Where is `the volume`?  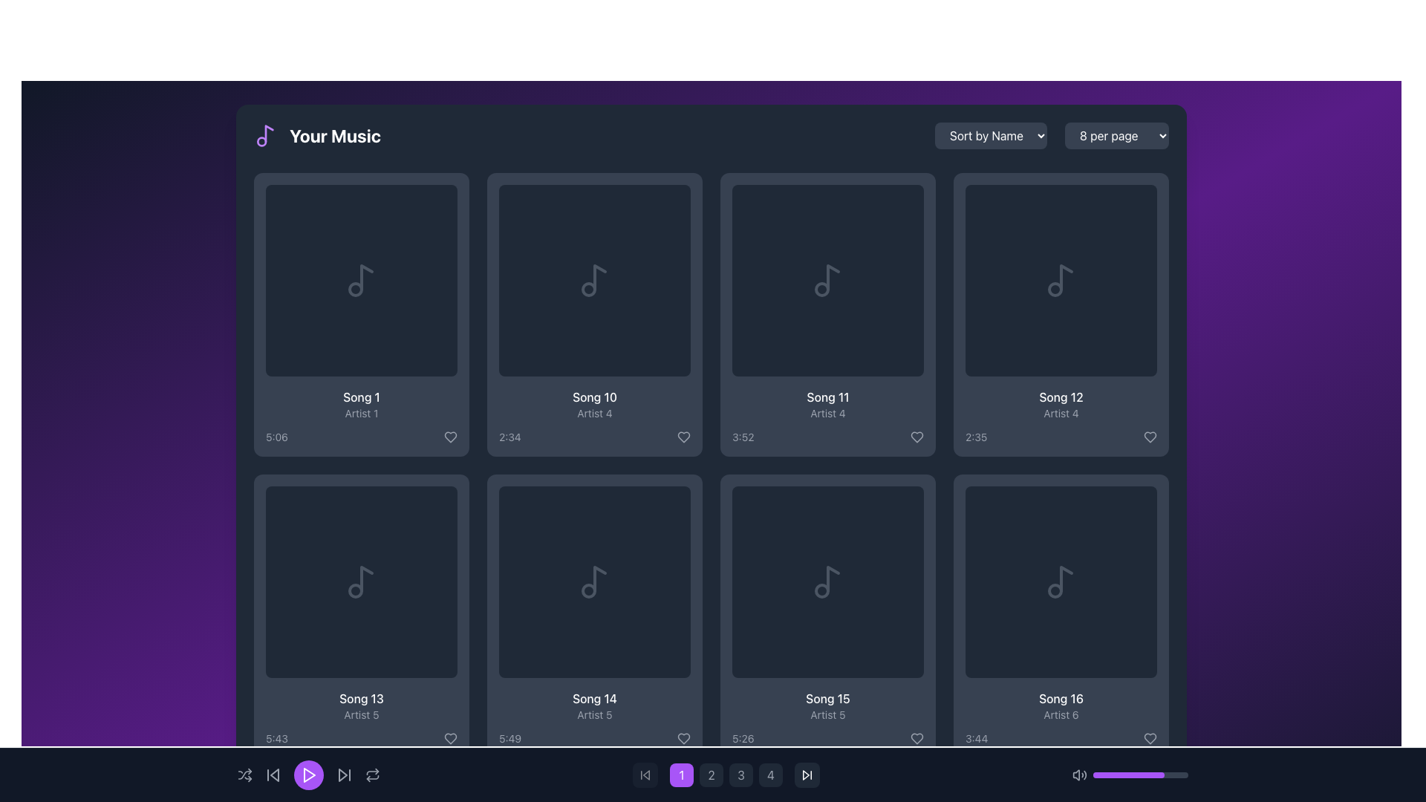 the volume is located at coordinates (1108, 775).